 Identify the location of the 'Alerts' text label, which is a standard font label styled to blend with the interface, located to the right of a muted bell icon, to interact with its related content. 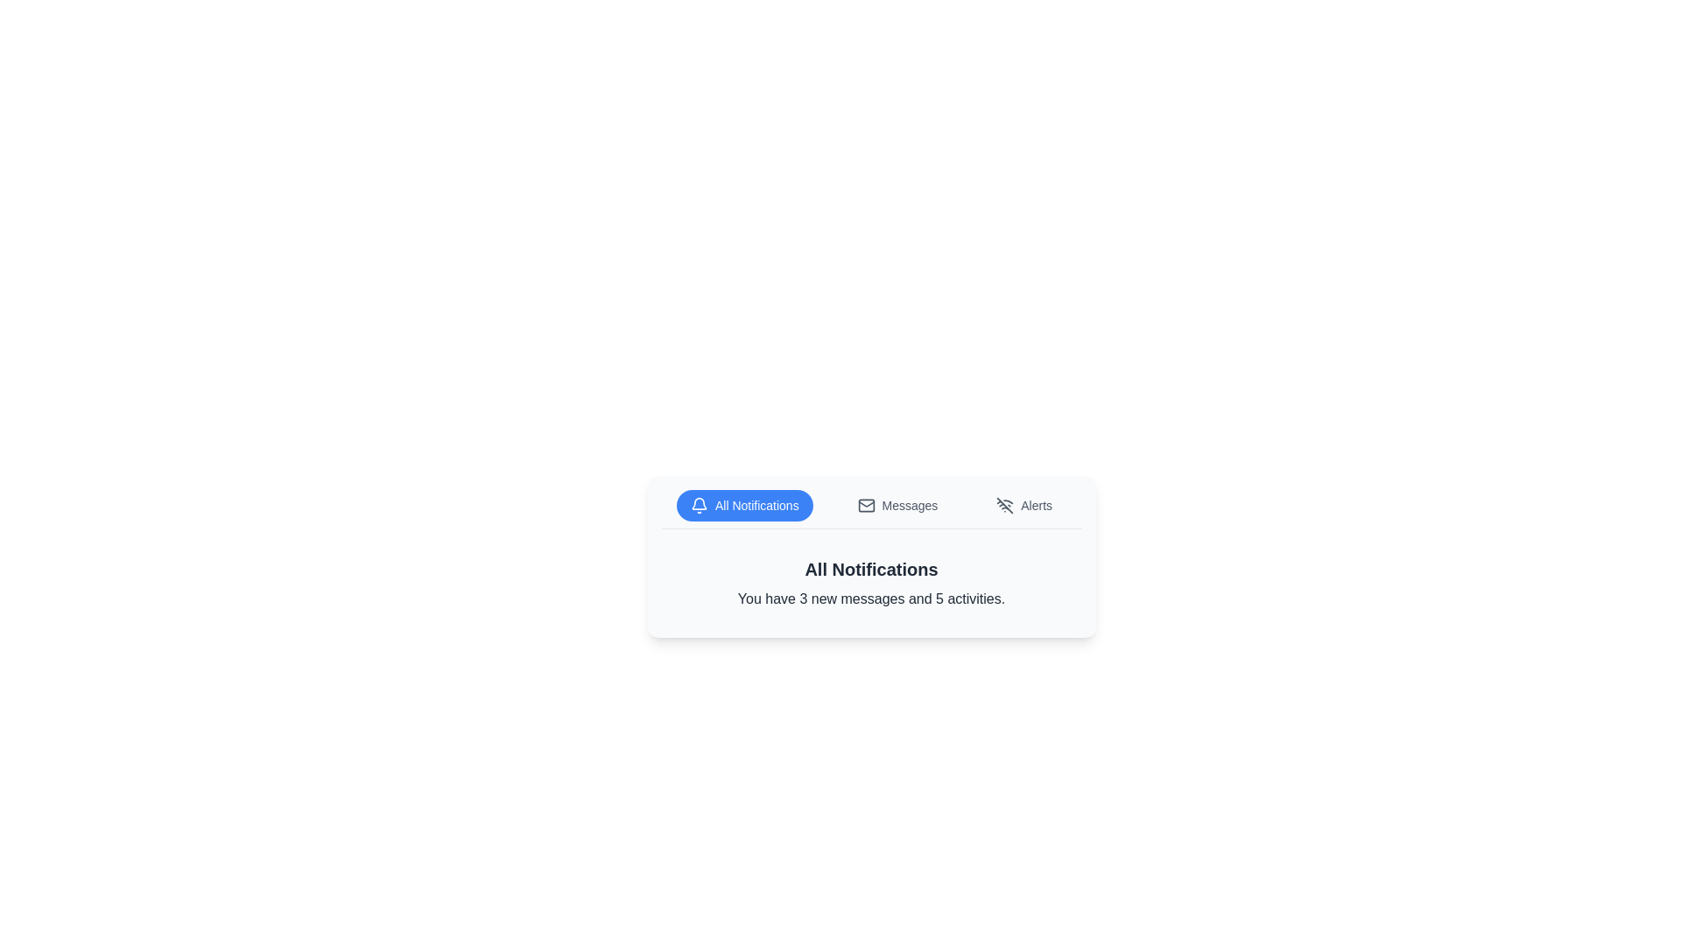
(1037, 506).